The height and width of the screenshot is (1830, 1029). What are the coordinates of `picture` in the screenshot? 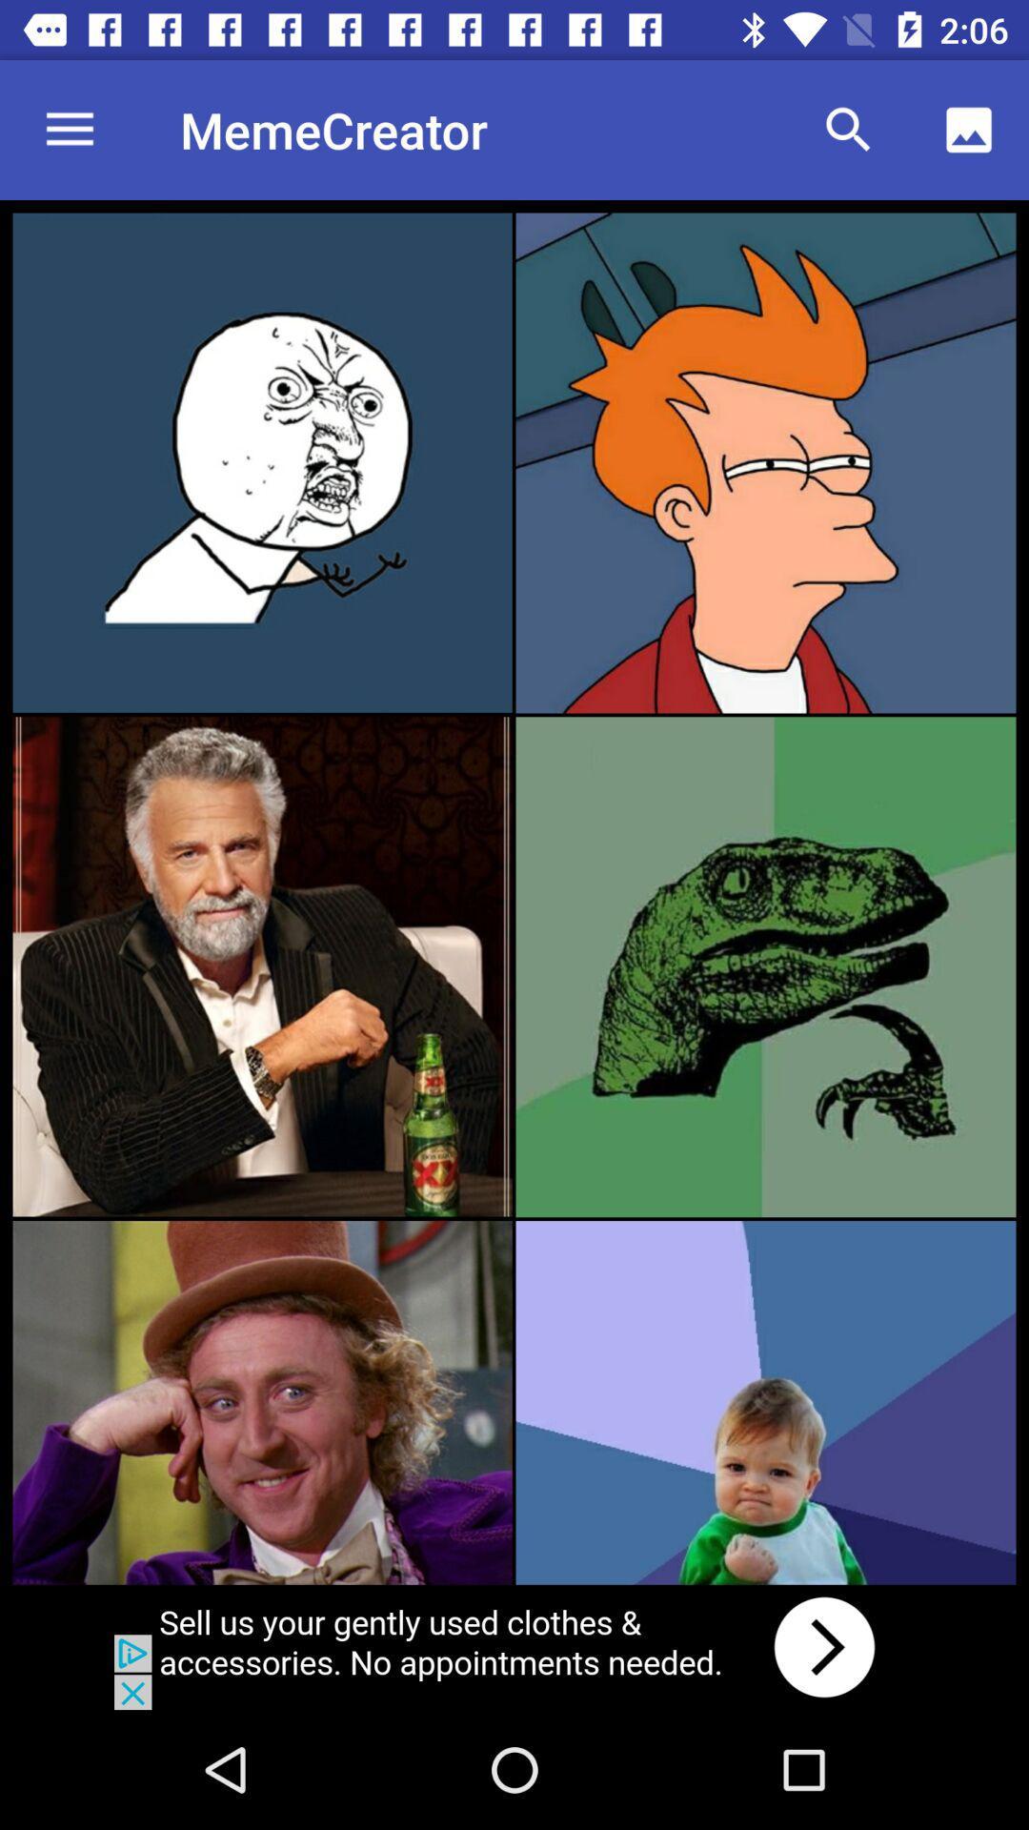 It's located at (262, 966).